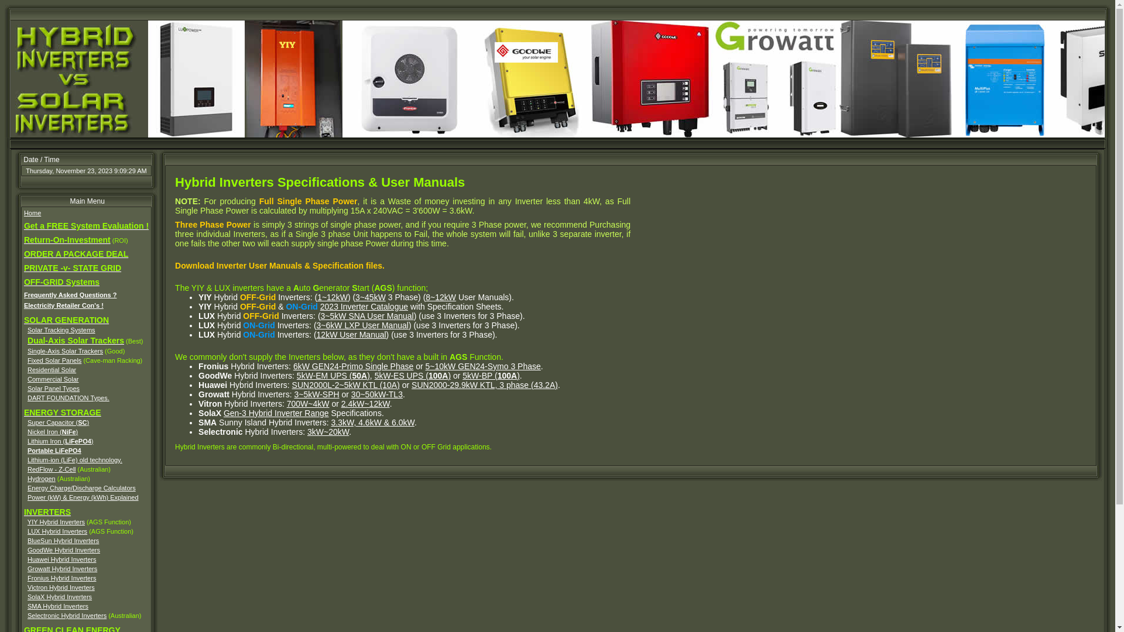  I want to click on 'Get a FREE System Evaluation !', so click(85, 226).